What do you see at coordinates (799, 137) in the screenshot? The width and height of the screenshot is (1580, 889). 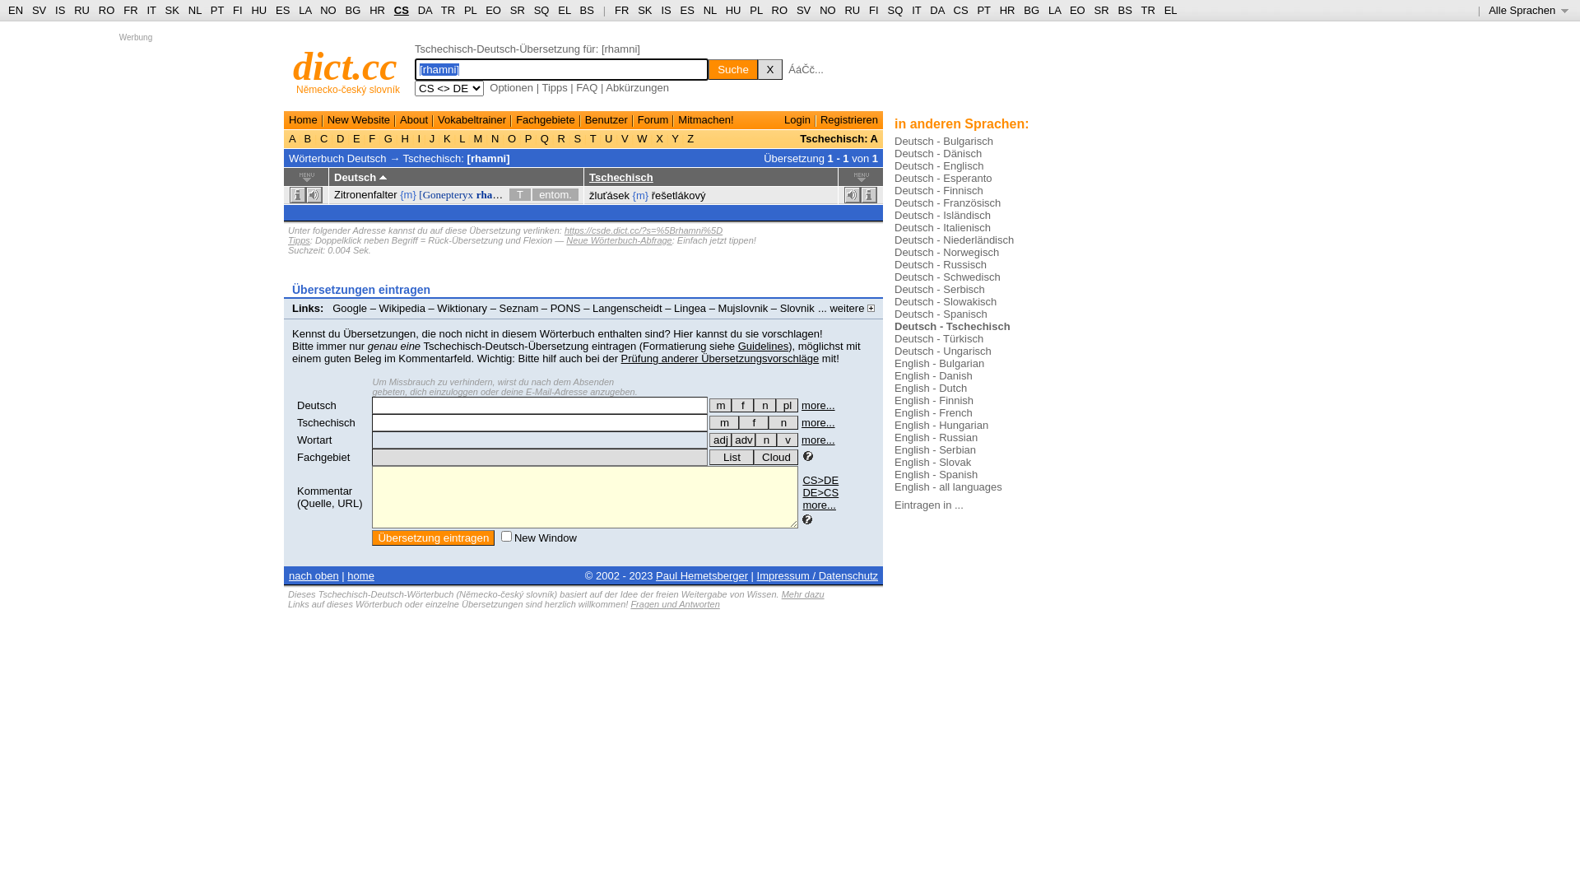 I see `'Tschechisch: A'` at bounding box center [799, 137].